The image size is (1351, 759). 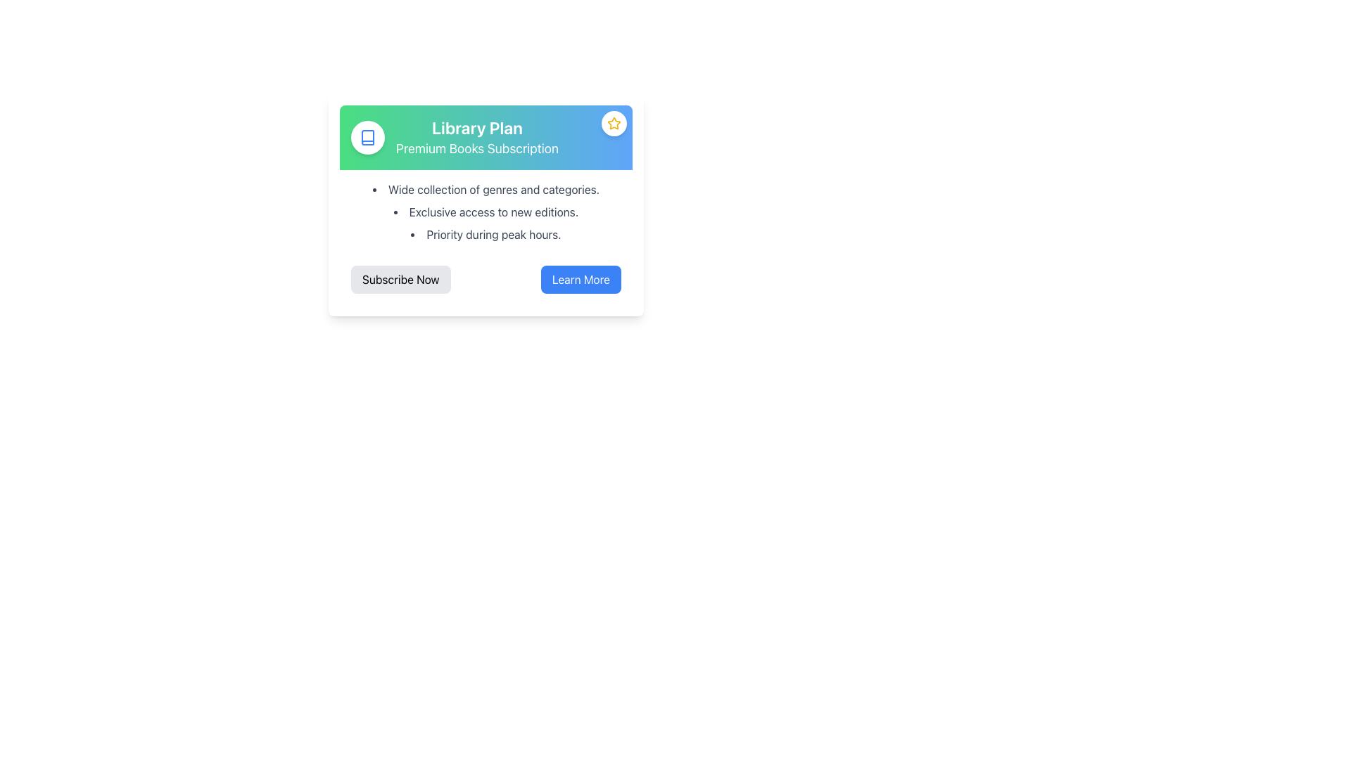 I want to click on the 'Learn More' button located to the right of the 'Subscribe Now' button in the lower-right portion of the card layout, so click(x=581, y=279).